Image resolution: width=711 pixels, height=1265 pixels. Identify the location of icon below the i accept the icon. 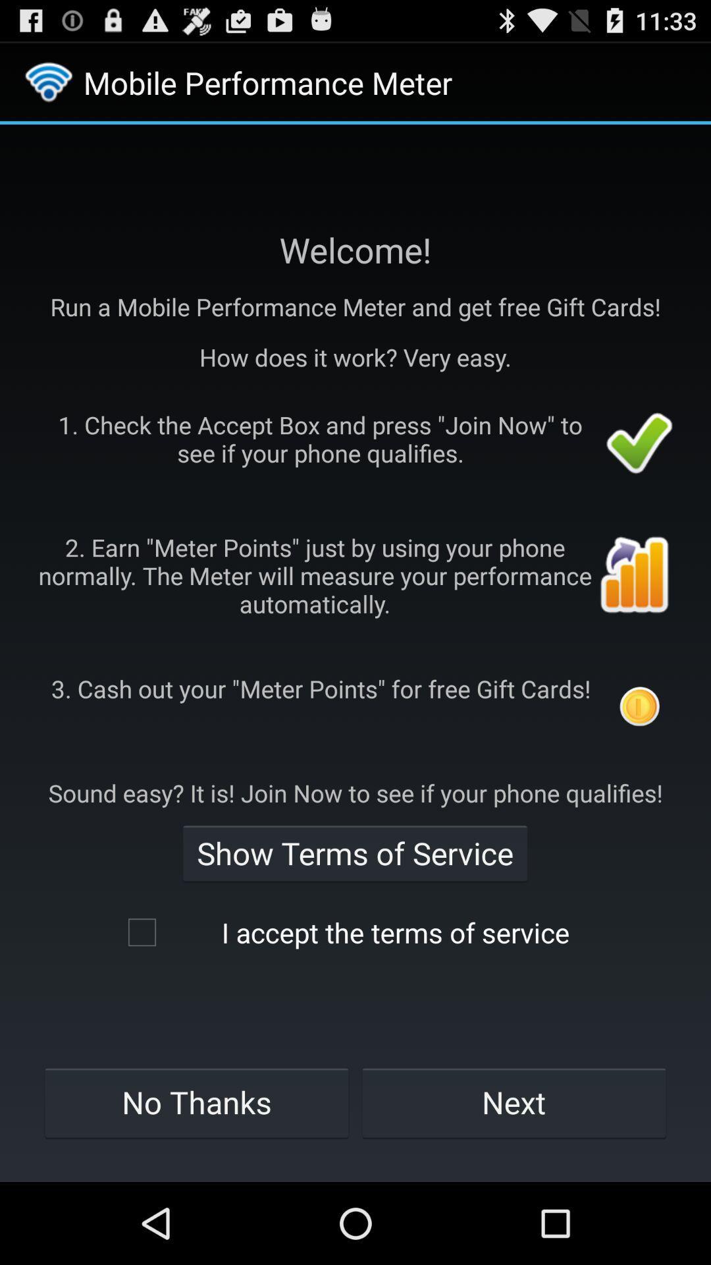
(196, 1102).